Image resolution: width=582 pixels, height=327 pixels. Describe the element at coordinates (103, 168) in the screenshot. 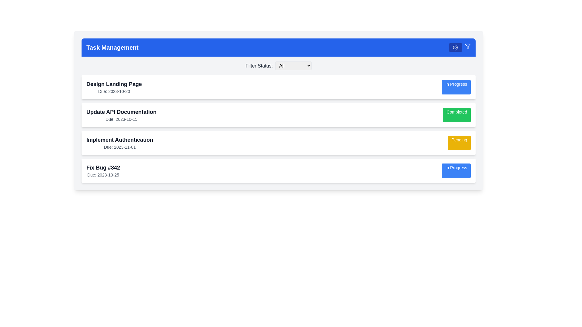

I see `the title of a task or issue located within a card near the bottom of a vertical list of tasks, just above the due date information` at that location.